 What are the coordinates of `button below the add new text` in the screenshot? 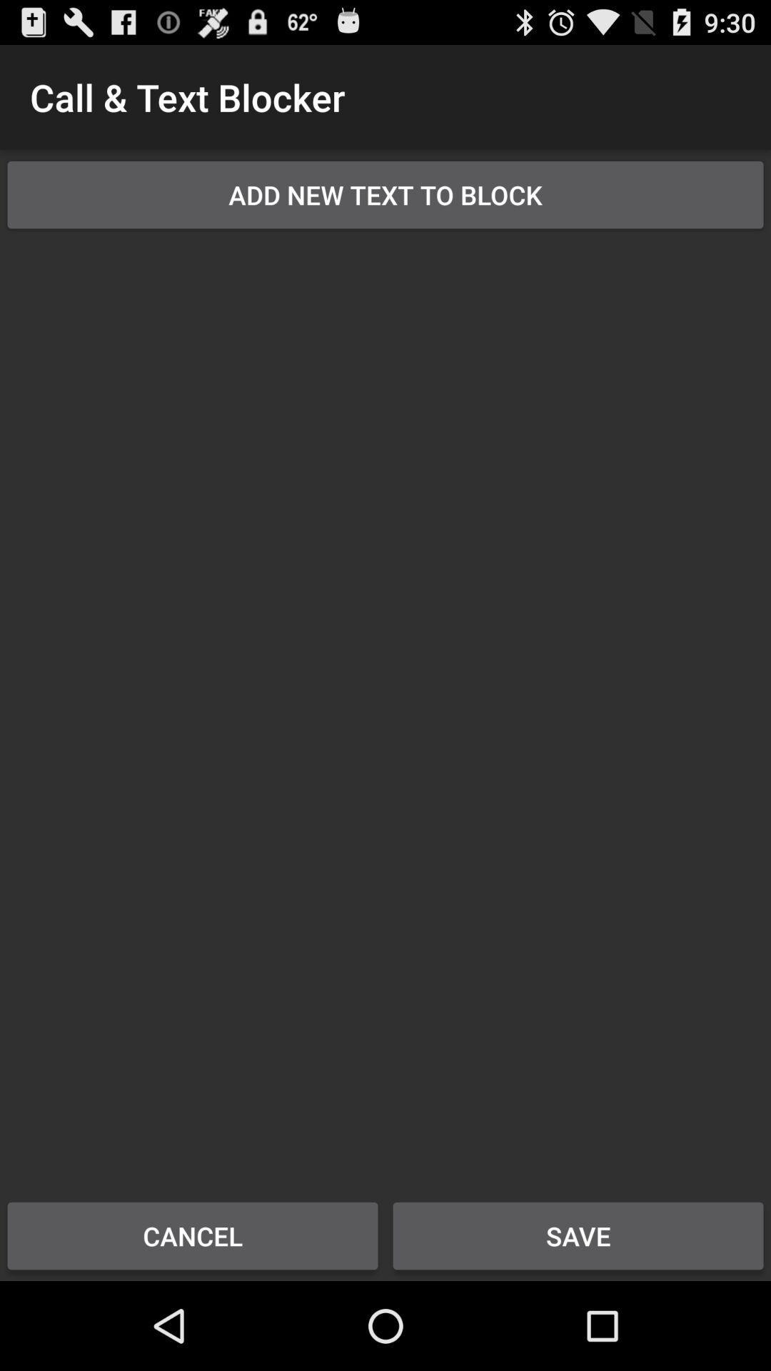 It's located at (385, 705).